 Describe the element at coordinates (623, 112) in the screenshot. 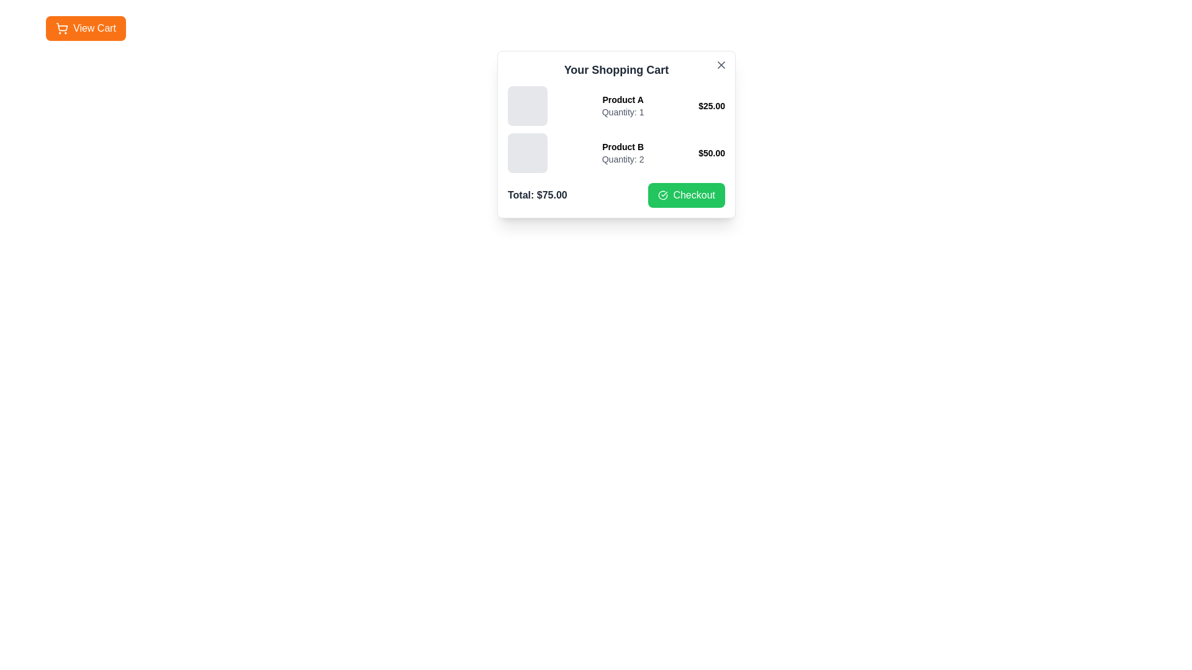

I see `the informational text label indicating the quantity of '1' for 'Product A', located below the 'Product A' label in the shopping cart interface` at that location.